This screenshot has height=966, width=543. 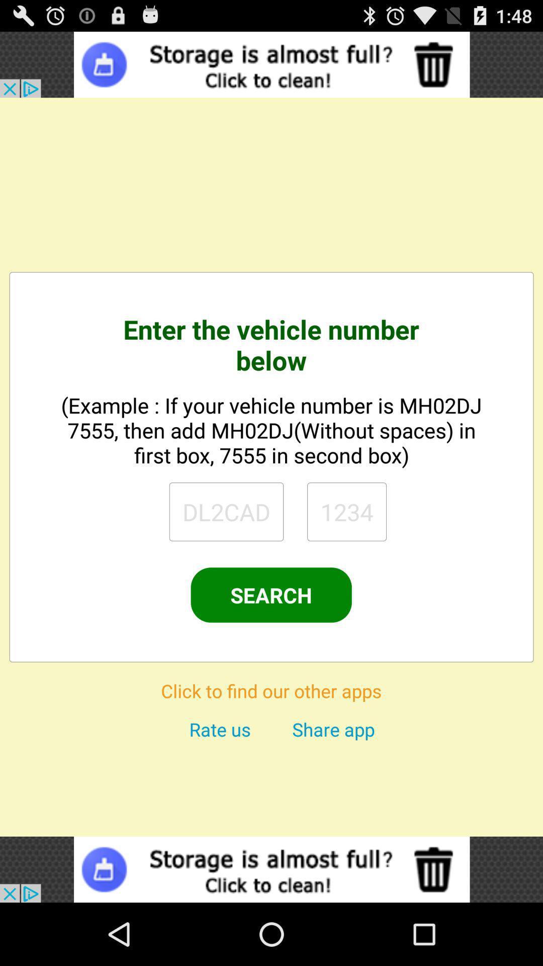 I want to click on advertisement link, so click(x=271, y=64).